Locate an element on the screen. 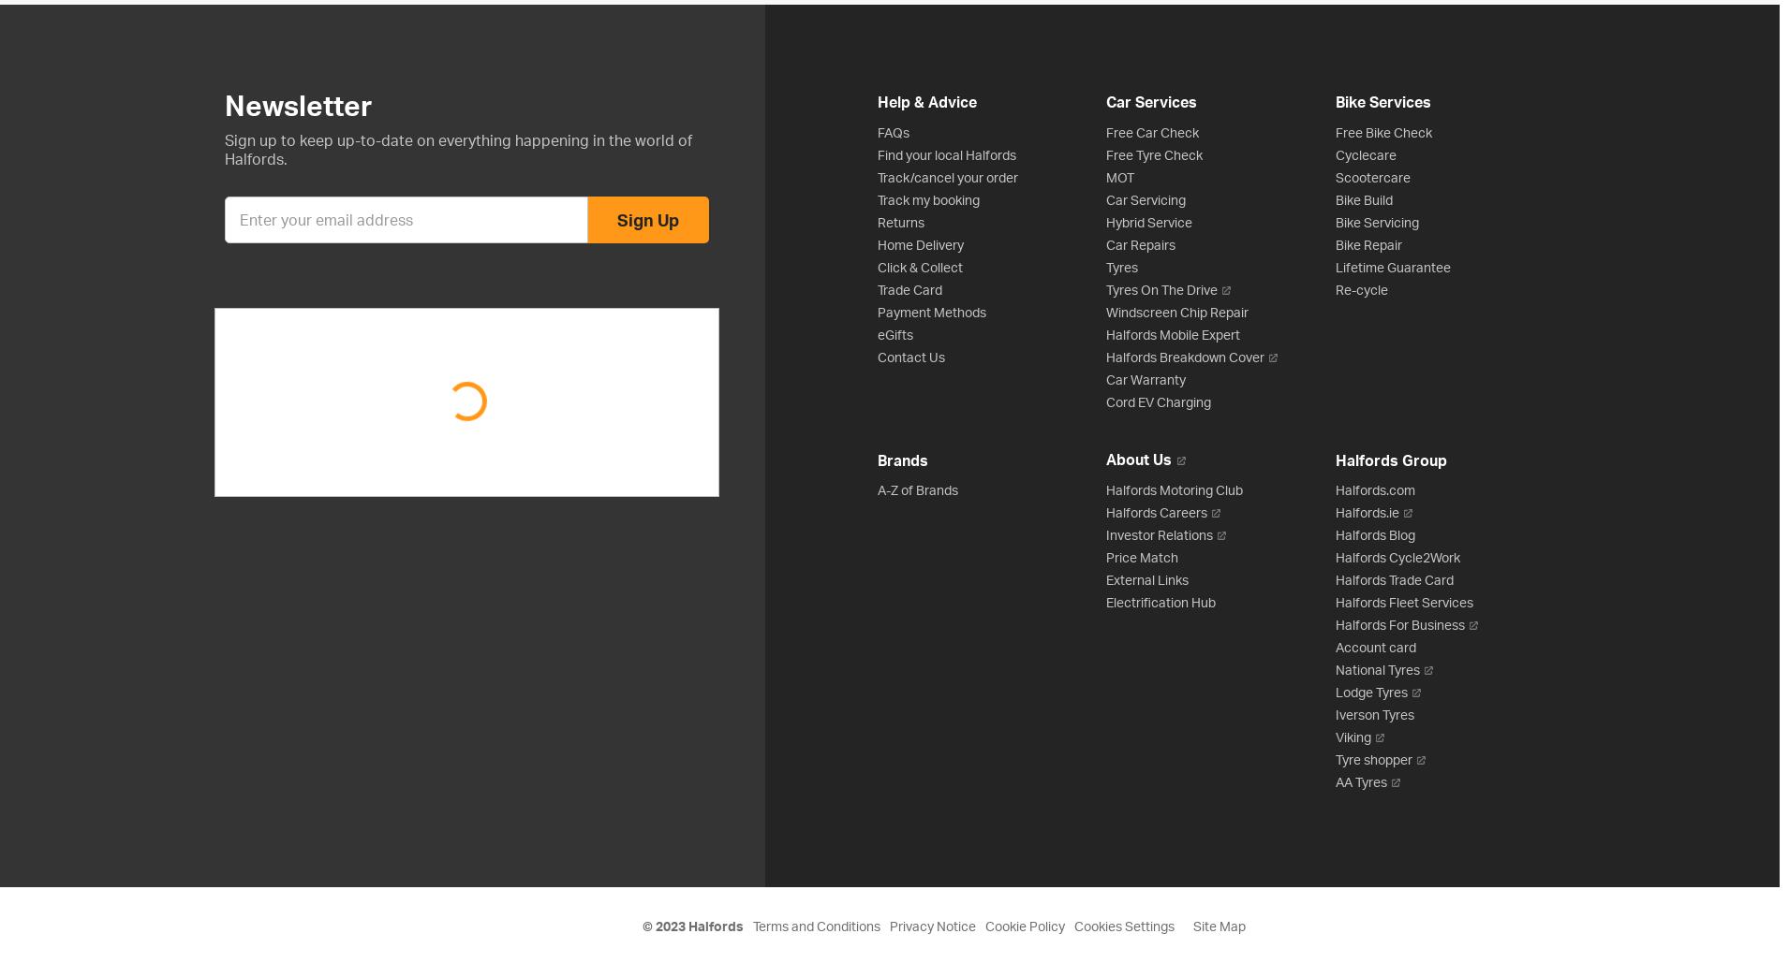 The image size is (1789, 963). 'Investor Relations' is located at coordinates (1161, 533).